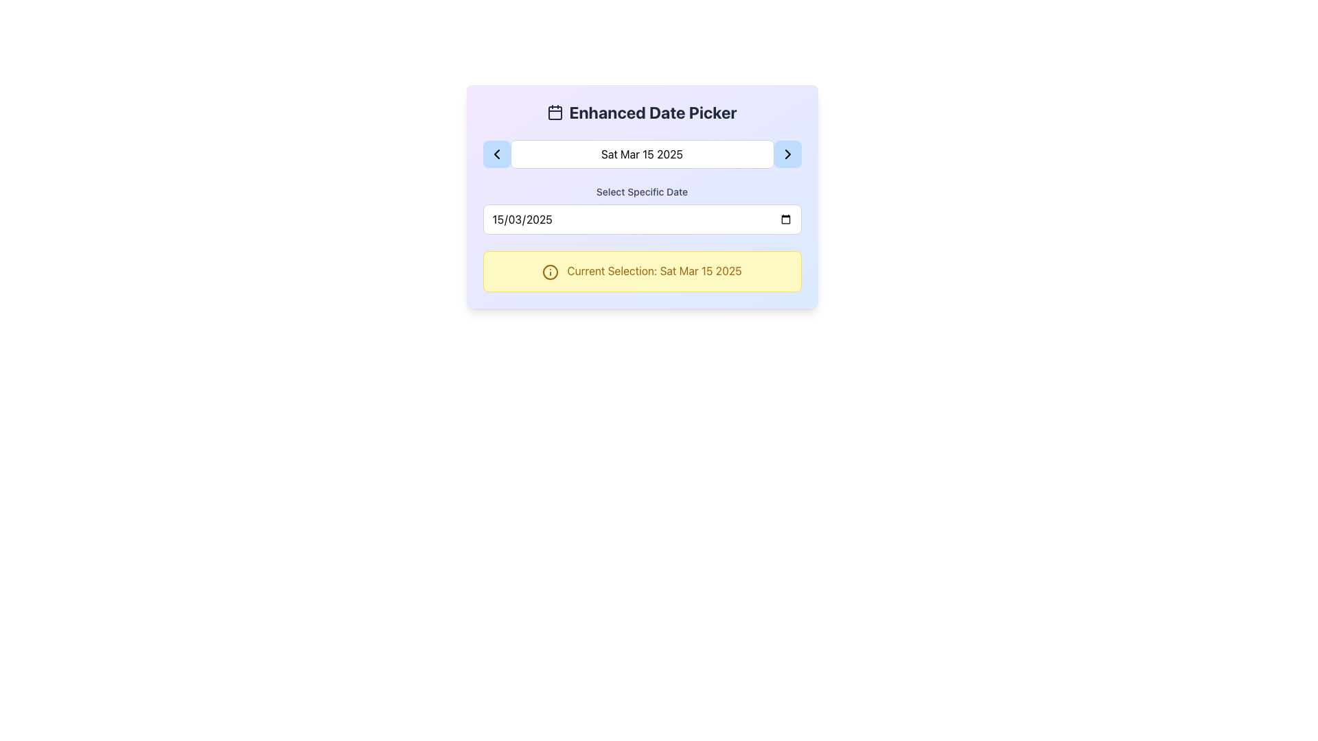 Image resolution: width=1318 pixels, height=741 pixels. What do you see at coordinates (555, 113) in the screenshot?
I see `the central rectangular component of the calendar icon, which is located beside the 'Enhanced Date Picker' label at the top-left area of the interface` at bounding box center [555, 113].